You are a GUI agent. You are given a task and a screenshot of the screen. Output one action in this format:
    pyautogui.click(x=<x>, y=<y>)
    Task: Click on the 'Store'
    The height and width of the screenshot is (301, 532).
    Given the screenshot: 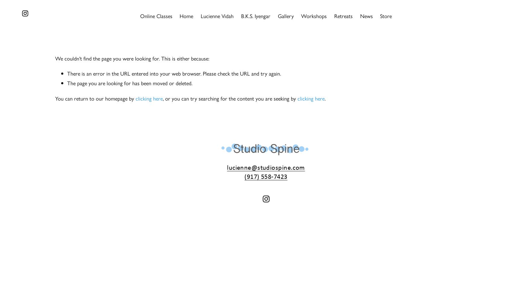 What is the action you would take?
    pyautogui.click(x=380, y=16)
    